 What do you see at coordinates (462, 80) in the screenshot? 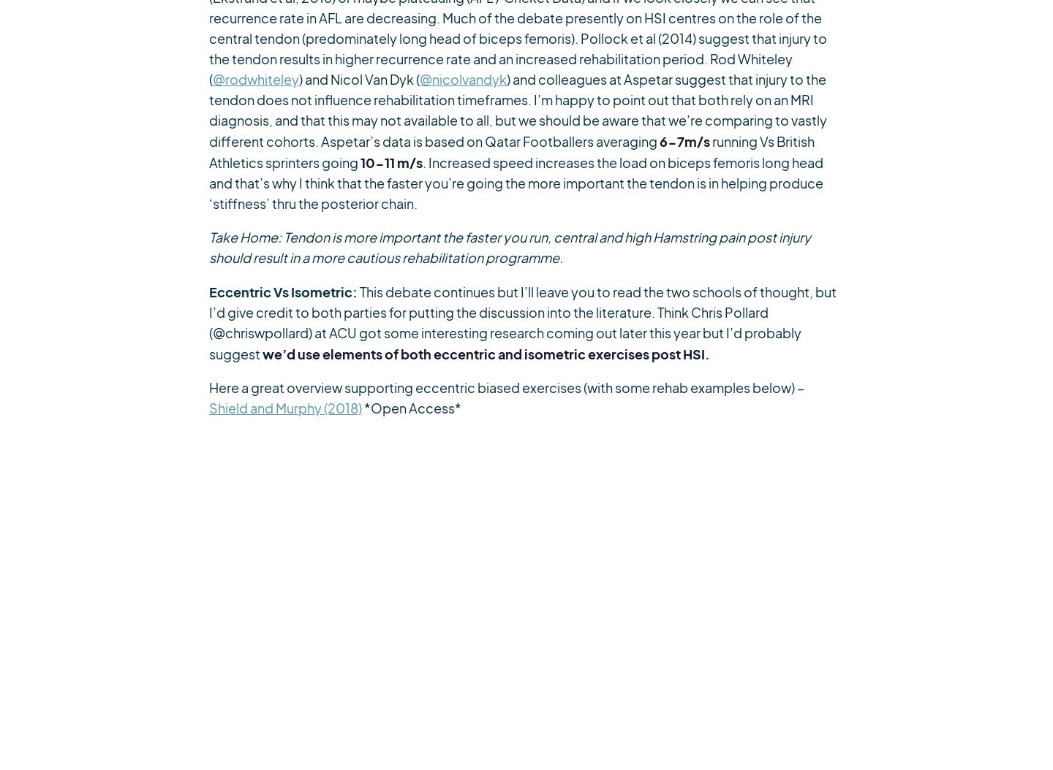
I see `'@nicolvandyk'` at bounding box center [462, 80].